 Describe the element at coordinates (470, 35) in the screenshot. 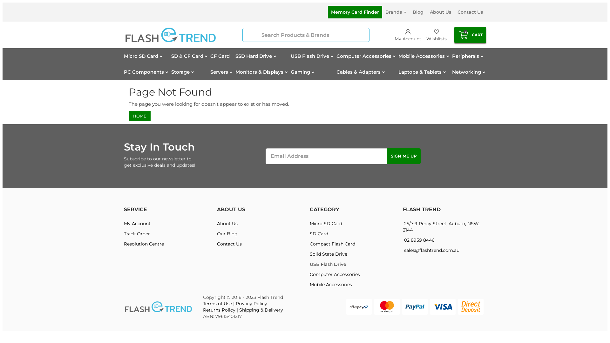

I see `'0` at that location.